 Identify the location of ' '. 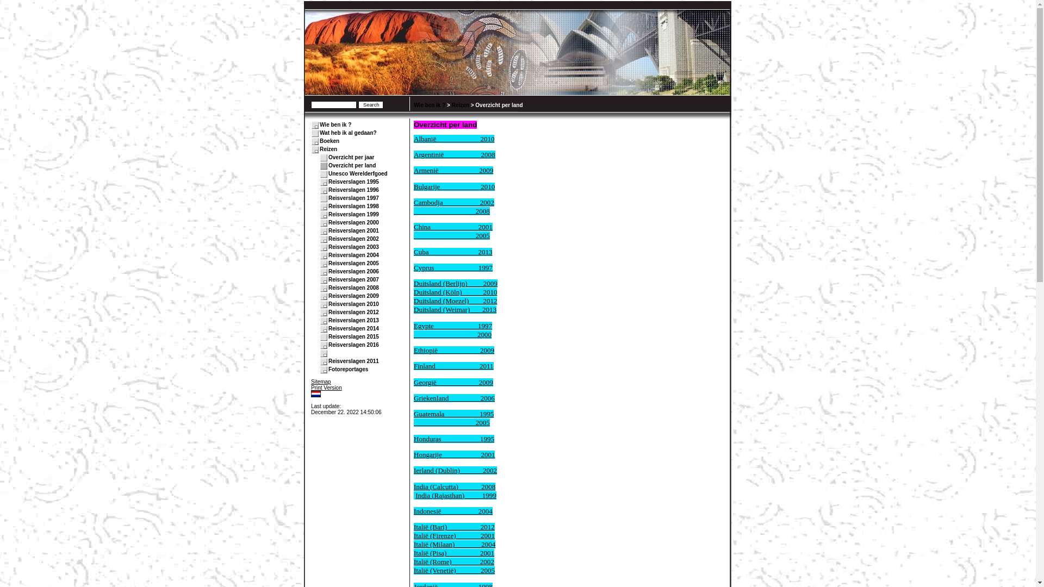
(328, 353).